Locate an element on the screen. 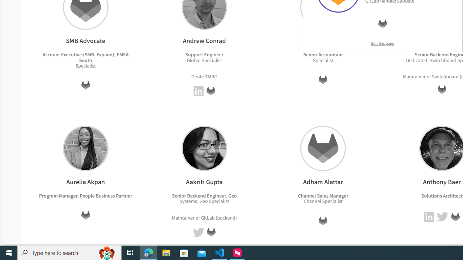 This screenshot has height=260, width=463. 'Account Executive (SMB, Expand), EMEA South' is located at coordinates (85, 57).